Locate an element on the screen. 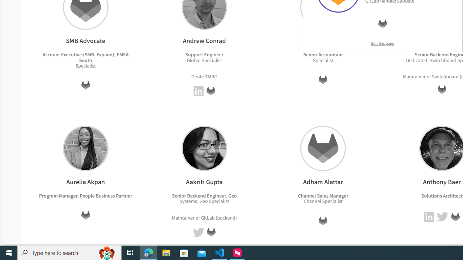 This screenshot has height=260, width=463. 'Account Executive (SMB, Expand), EMEA South' is located at coordinates (85, 57).